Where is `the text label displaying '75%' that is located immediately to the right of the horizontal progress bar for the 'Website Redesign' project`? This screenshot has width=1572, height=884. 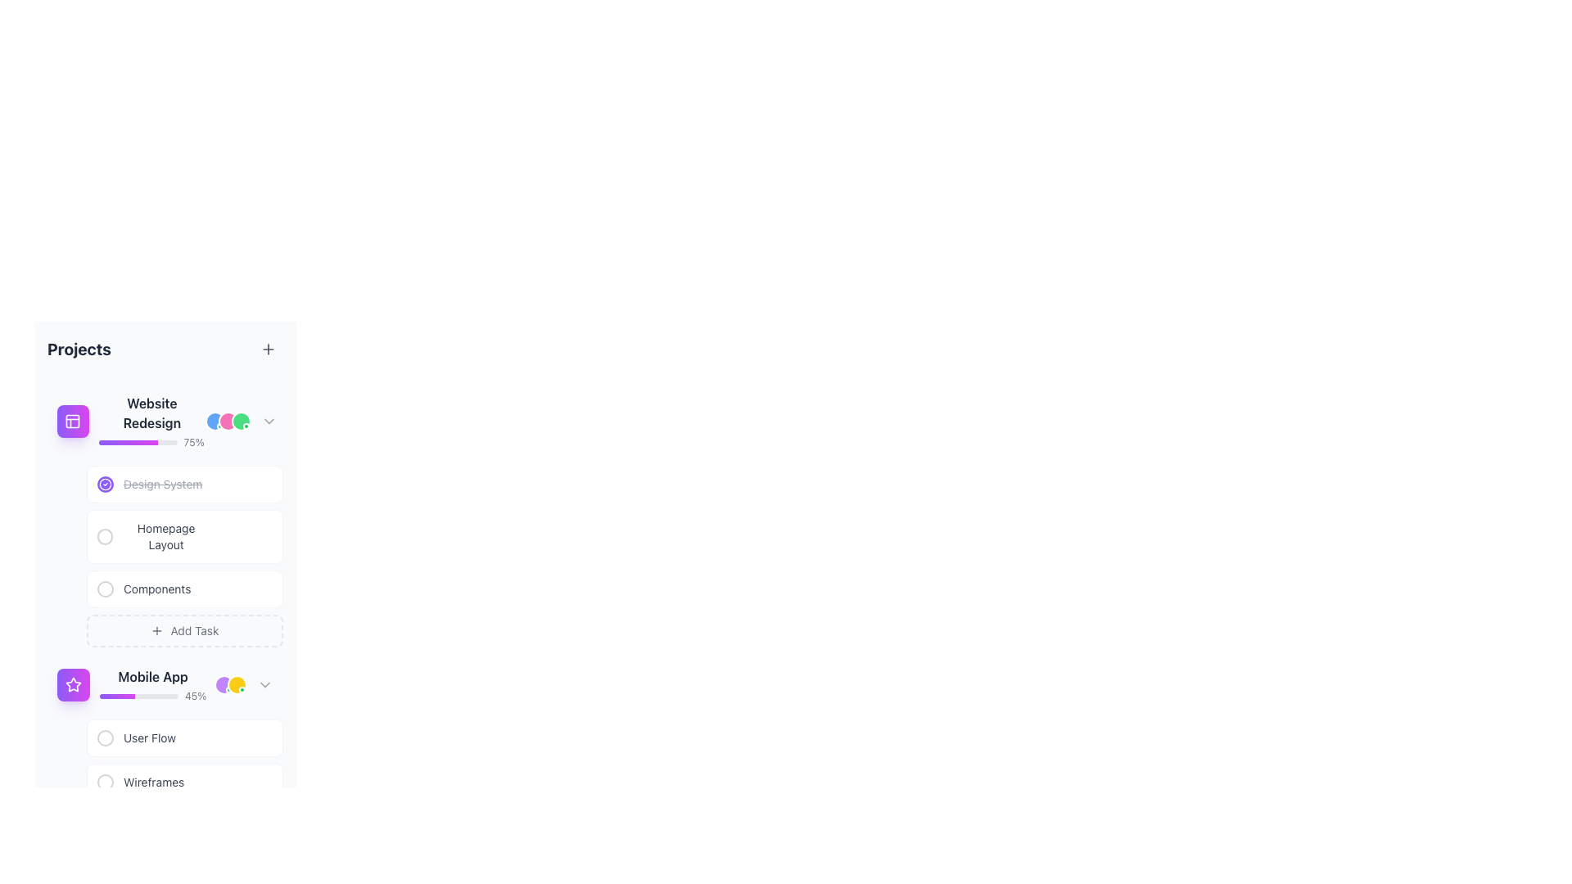 the text label displaying '75%' that is located immediately to the right of the horizontal progress bar for the 'Website Redesign' project is located at coordinates (194, 442).